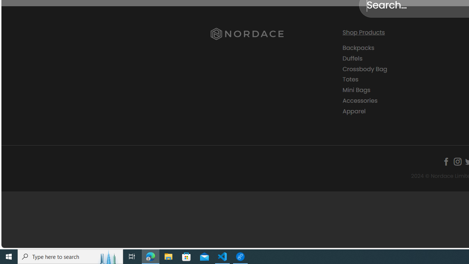 This screenshot has height=264, width=469. What do you see at coordinates (365, 69) in the screenshot?
I see `'Crossbody Bag'` at bounding box center [365, 69].